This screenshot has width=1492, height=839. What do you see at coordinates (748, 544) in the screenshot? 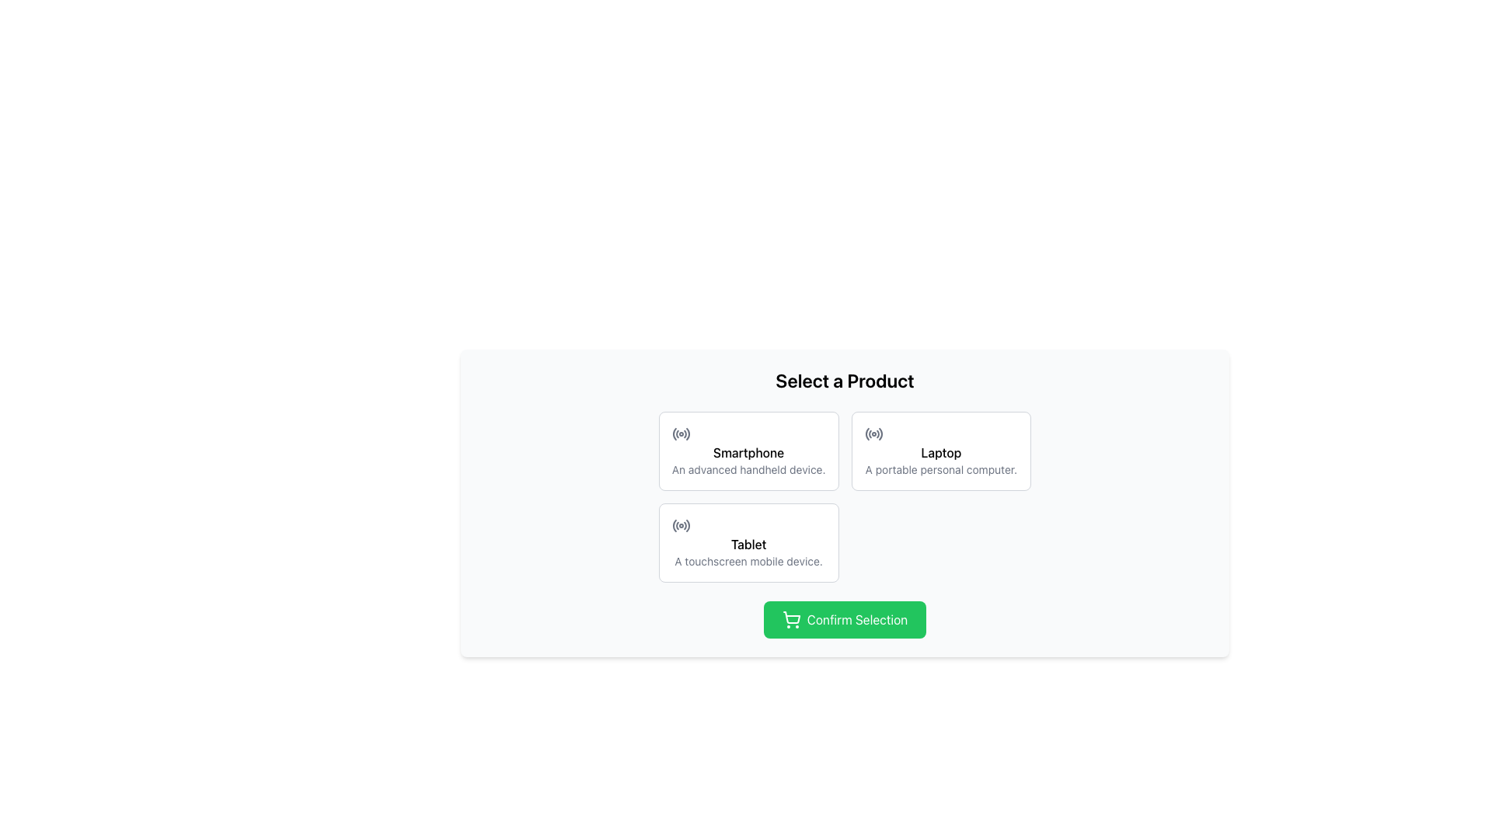
I see `text of the 'Tablet' label in the product selection interface, which is located at the bottom center of the grid under 'Smartphone' and 'Laptop'` at bounding box center [748, 544].